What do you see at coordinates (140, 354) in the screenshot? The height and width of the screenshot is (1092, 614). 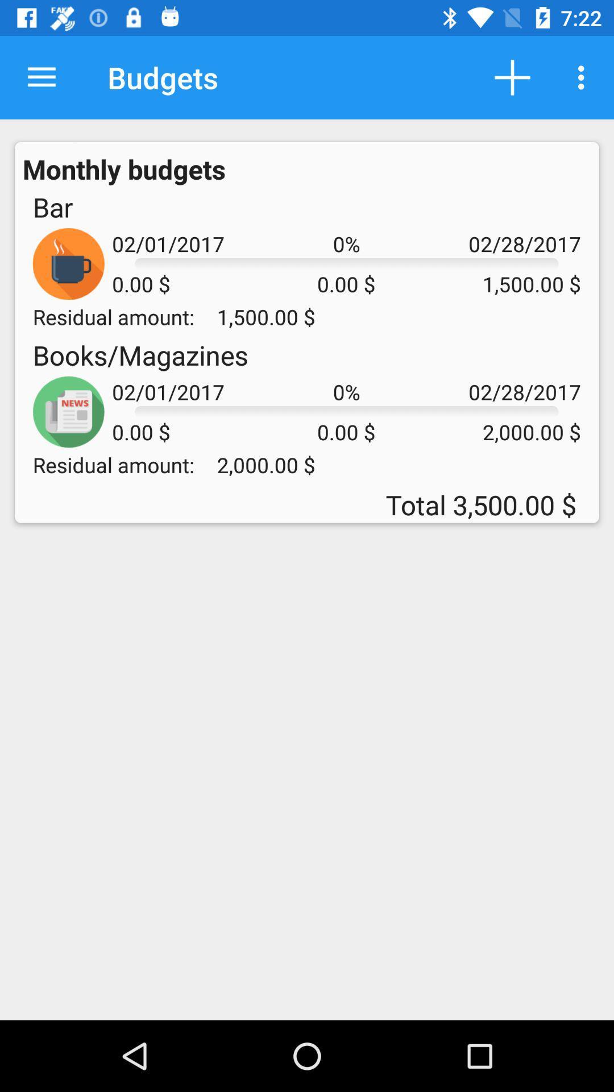 I see `the icon to the left of the 0%` at bounding box center [140, 354].